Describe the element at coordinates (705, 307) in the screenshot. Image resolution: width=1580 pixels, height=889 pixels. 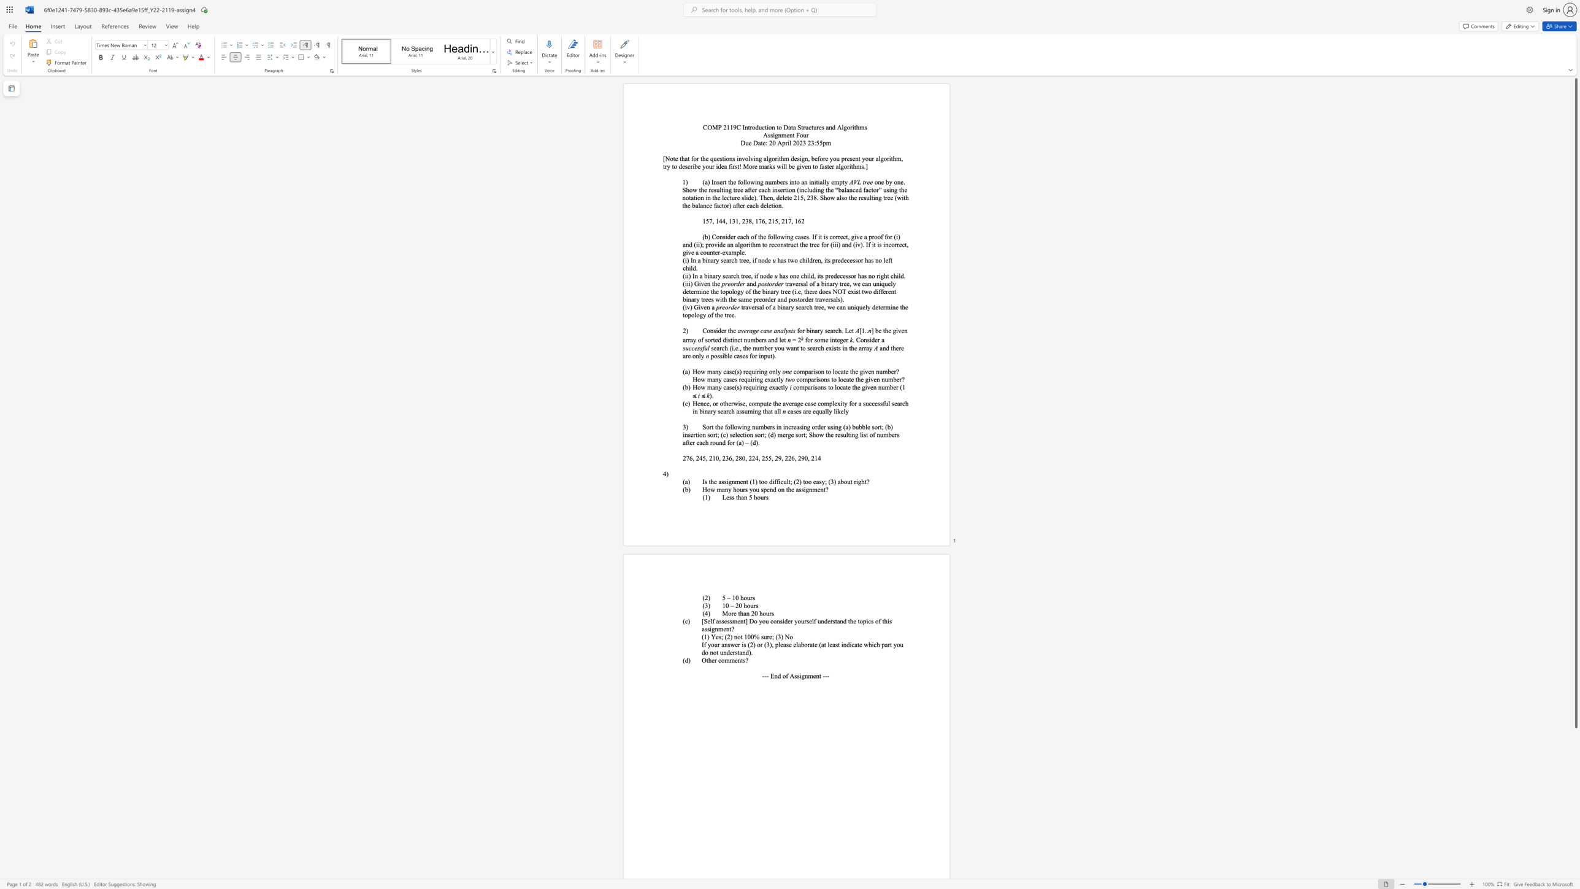
I see `the subset text "n a" within the text "(iv) Given a"` at that location.